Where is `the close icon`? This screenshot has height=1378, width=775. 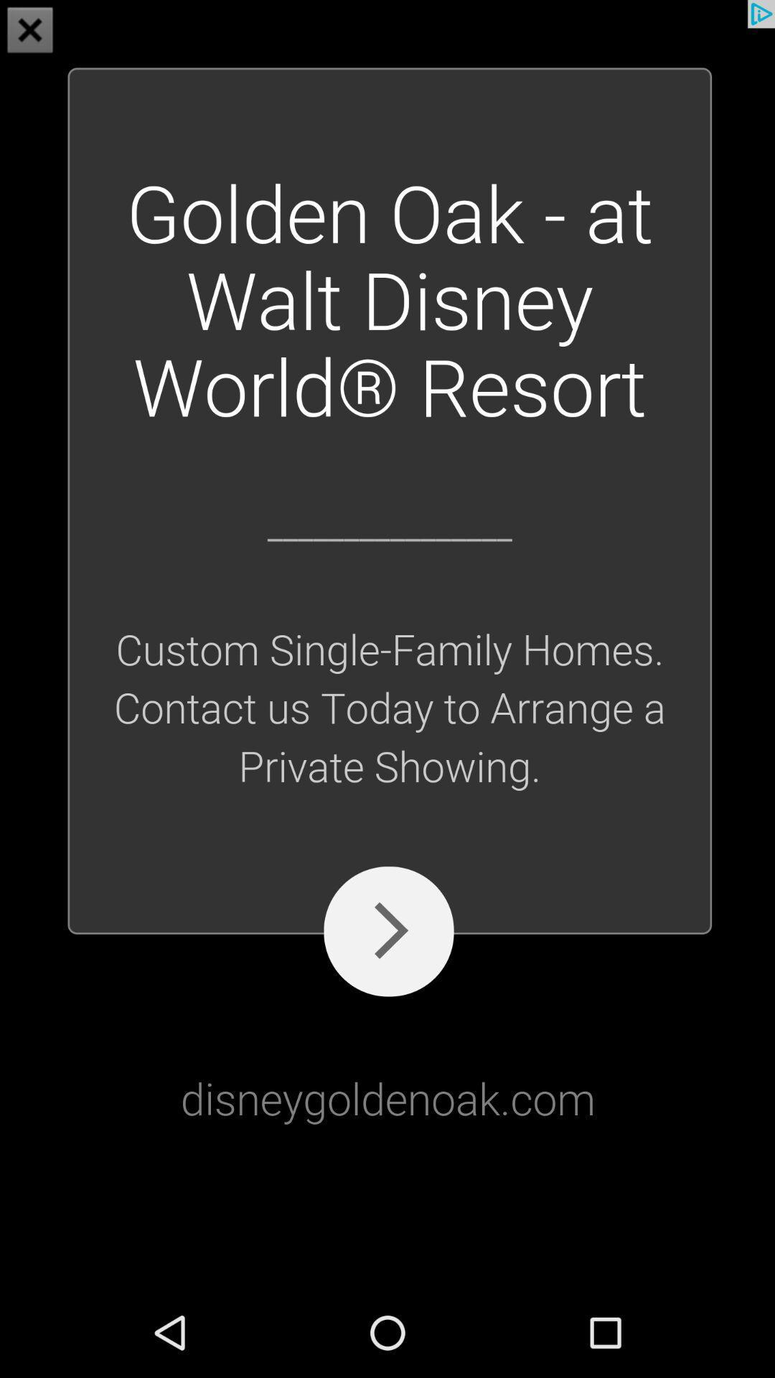
the close icon is located at coordinates (30, 32).